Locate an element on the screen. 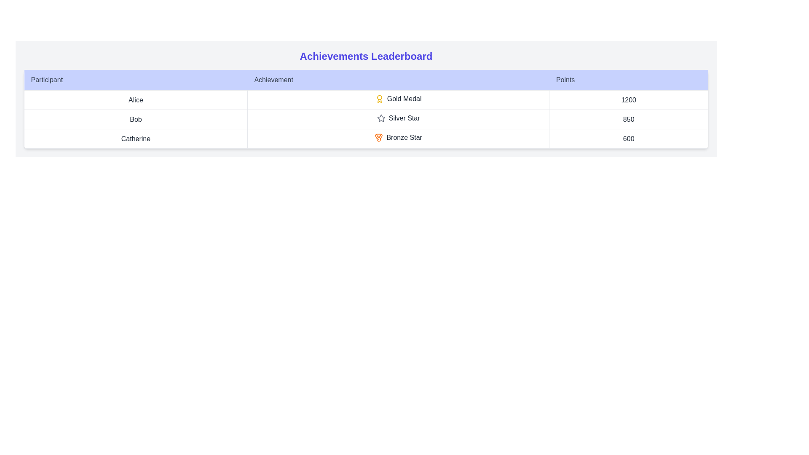  the text 'Silver Star' with a gray font and a star icon, located in the second row of the 'Achievement' column in the leaderboard interface is located at coordinates (398, 119).